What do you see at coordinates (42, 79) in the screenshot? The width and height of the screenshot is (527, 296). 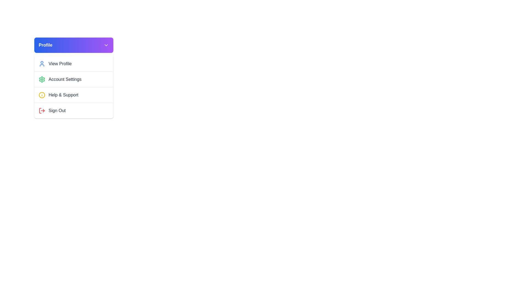 I see `the settings icon located to the left of the 'Account Settings' text in the Profile menu, which is the second item in the list` at bounding box center [42, 79].